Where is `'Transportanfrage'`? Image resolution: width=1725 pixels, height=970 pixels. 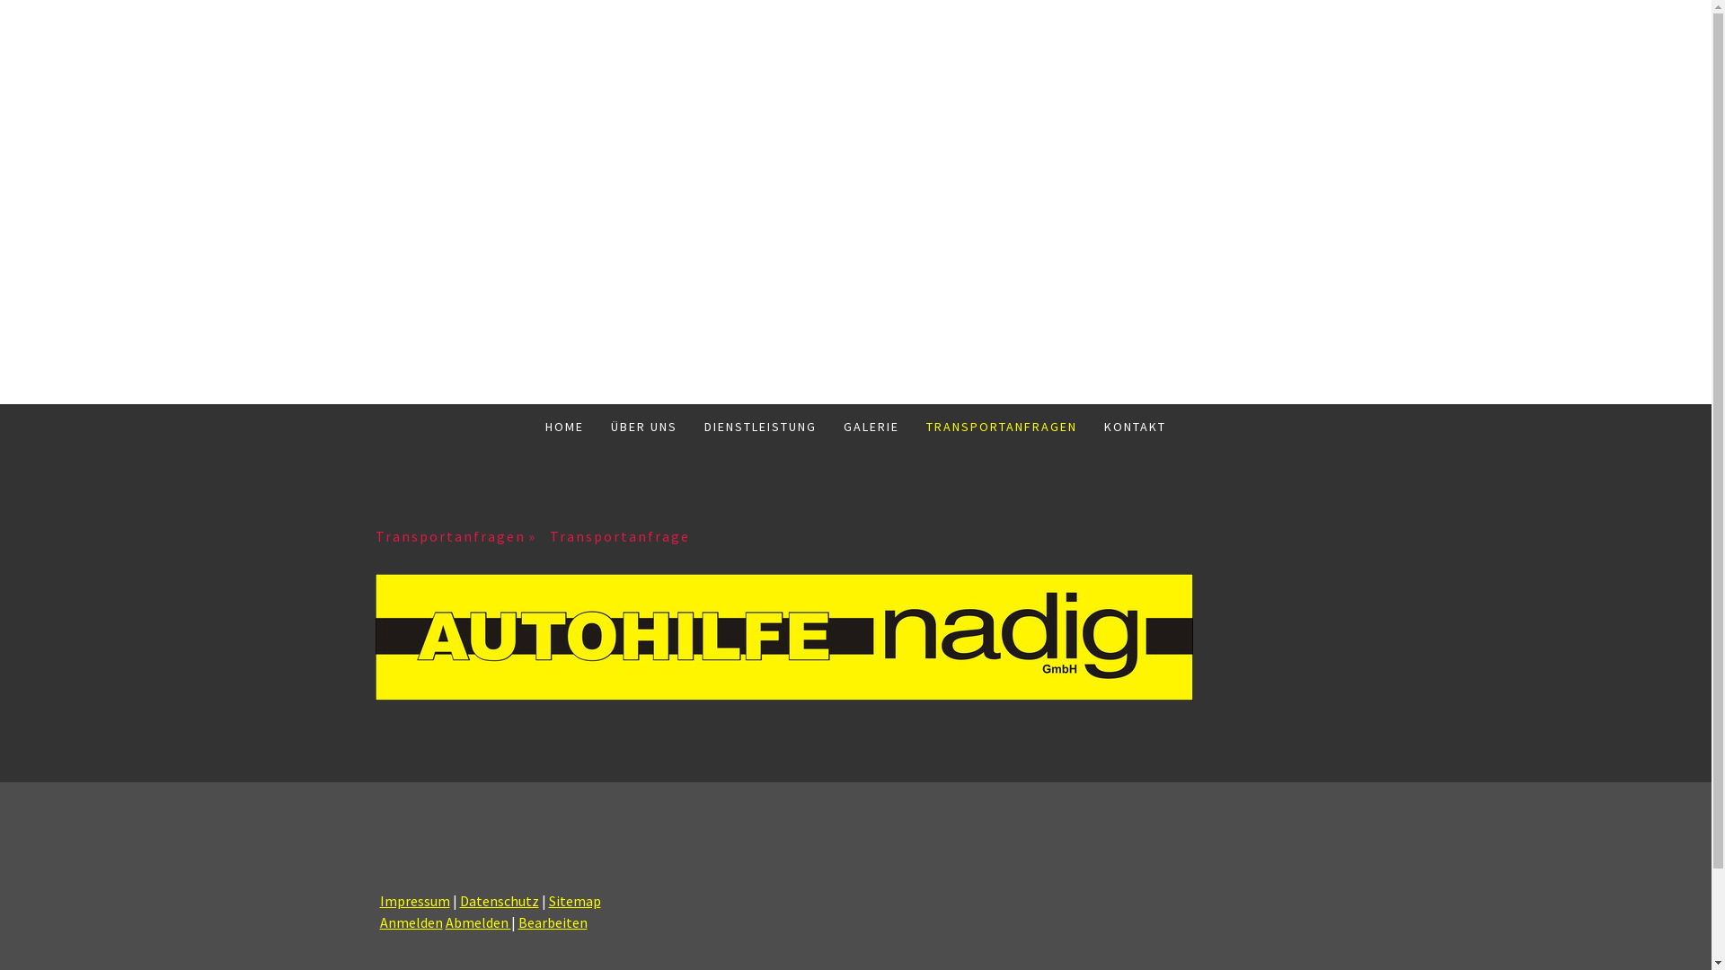
'Transportanfrage' is located at coordinates (548, 535).